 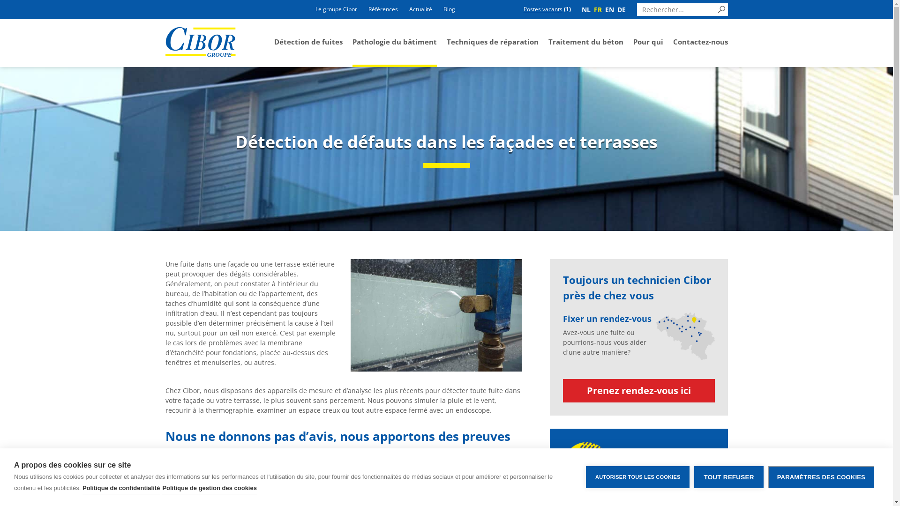 I want to click on 'Search', so click(x=721, y=10).